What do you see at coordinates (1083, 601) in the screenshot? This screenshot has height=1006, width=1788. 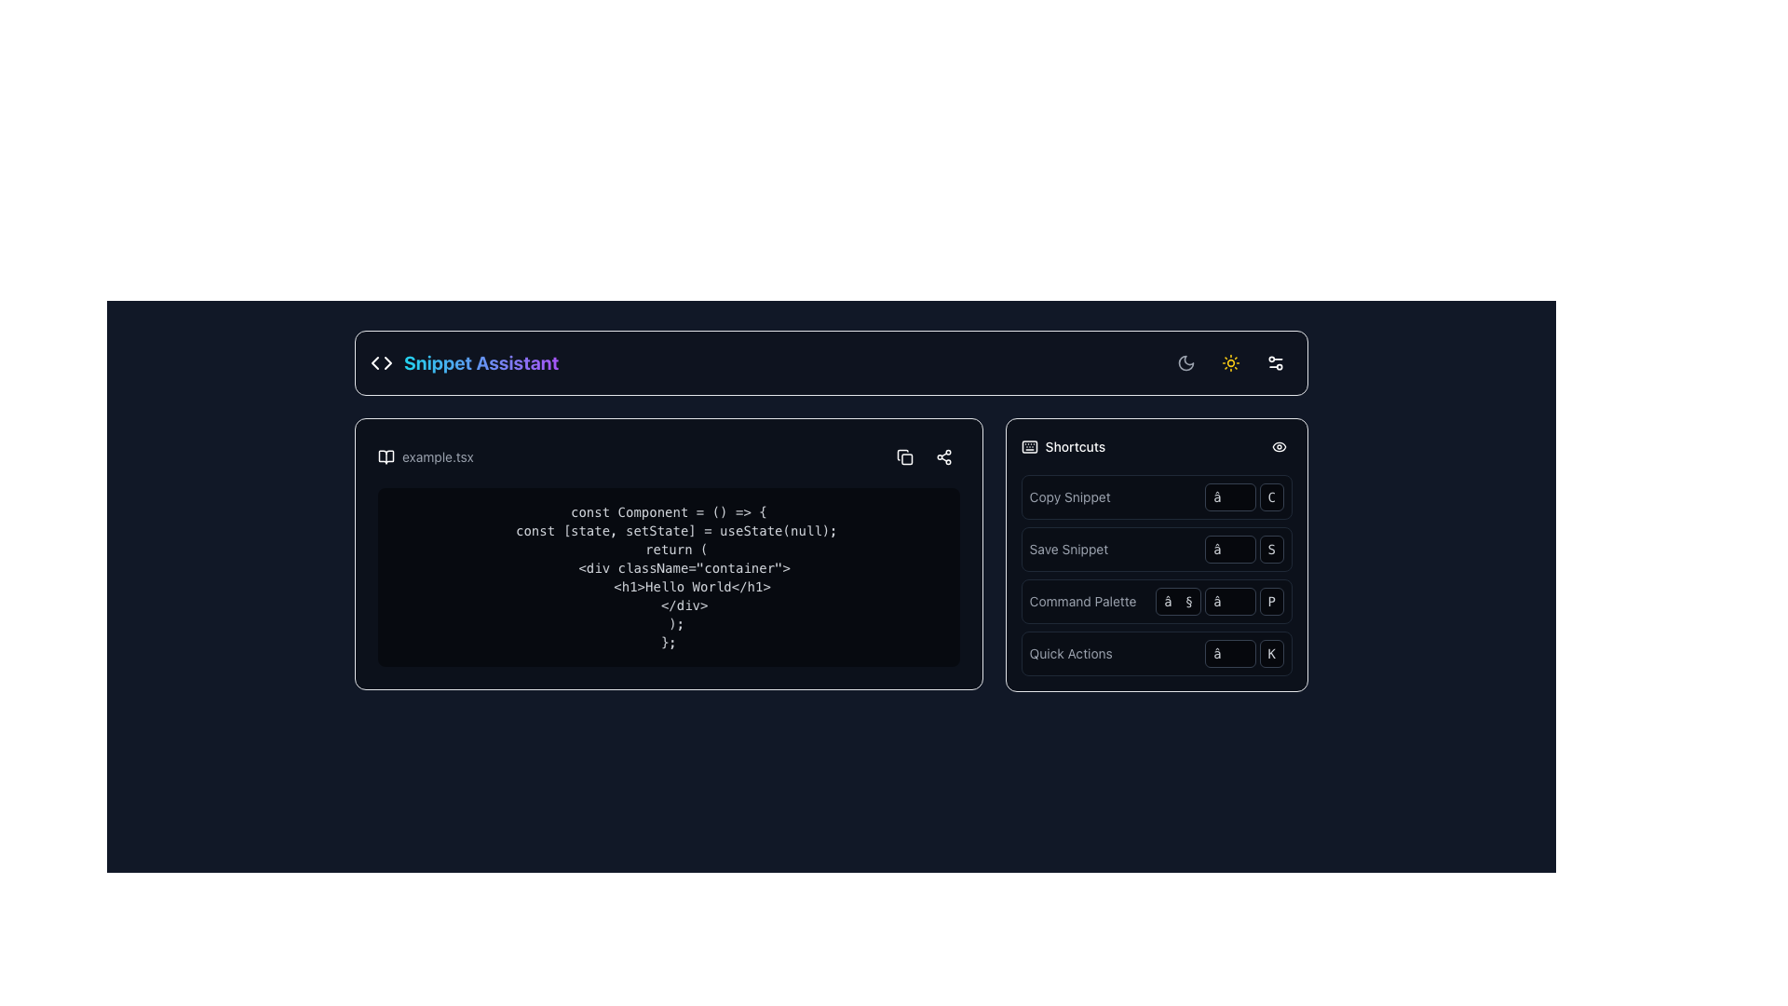 I see `the Textual Label that serves as a descriptor for the associated shortcut action, located in the upper-middle area of the shortcut section on the right side of the interface` at bounding box center [1083, 601].